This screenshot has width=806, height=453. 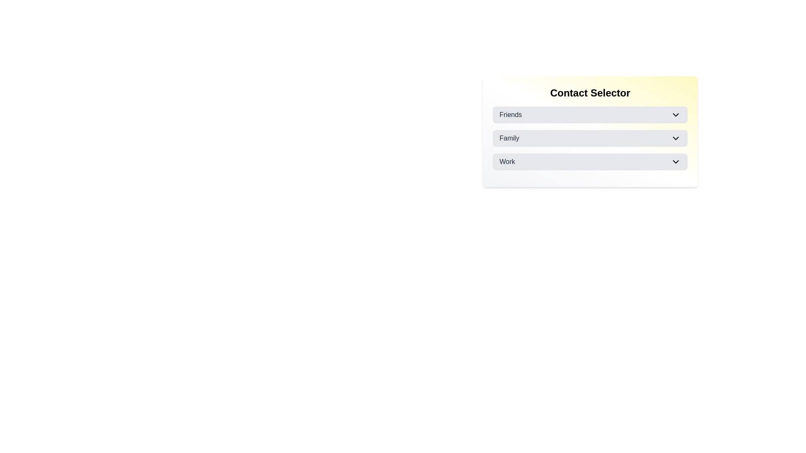 What do you see at coordinates (510, 115) in the screenshot?
I see `the 'Friends' label, which is a medium-weight dark gray text element within the 'Contact Selector' section, positioned at the top of a vertical stack of containers` at bounding box center [510, 115].